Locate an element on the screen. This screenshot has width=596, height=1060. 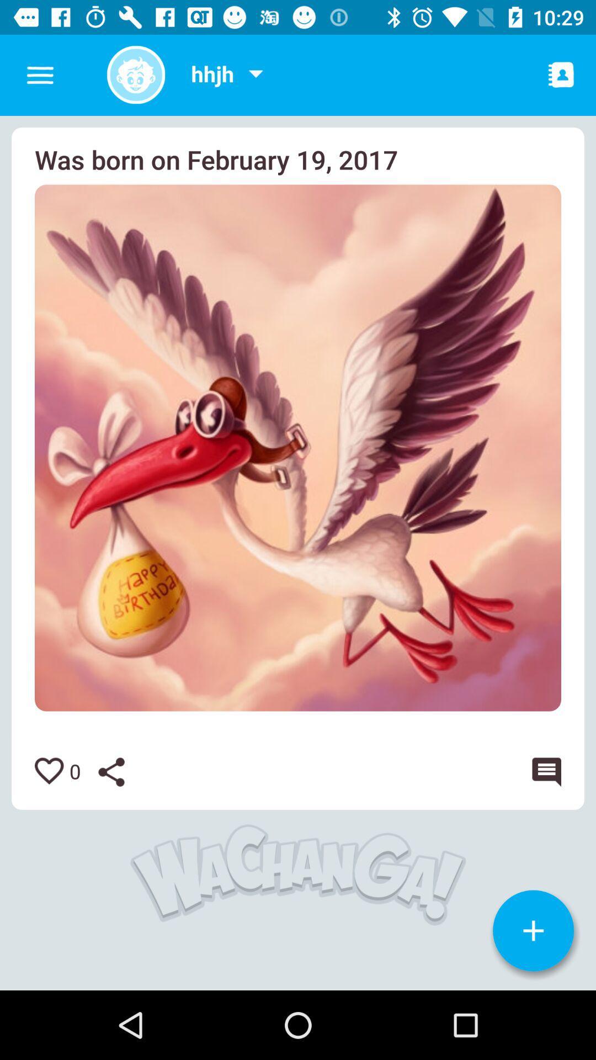
would drop down the name box is located at coordinates (256, 75).